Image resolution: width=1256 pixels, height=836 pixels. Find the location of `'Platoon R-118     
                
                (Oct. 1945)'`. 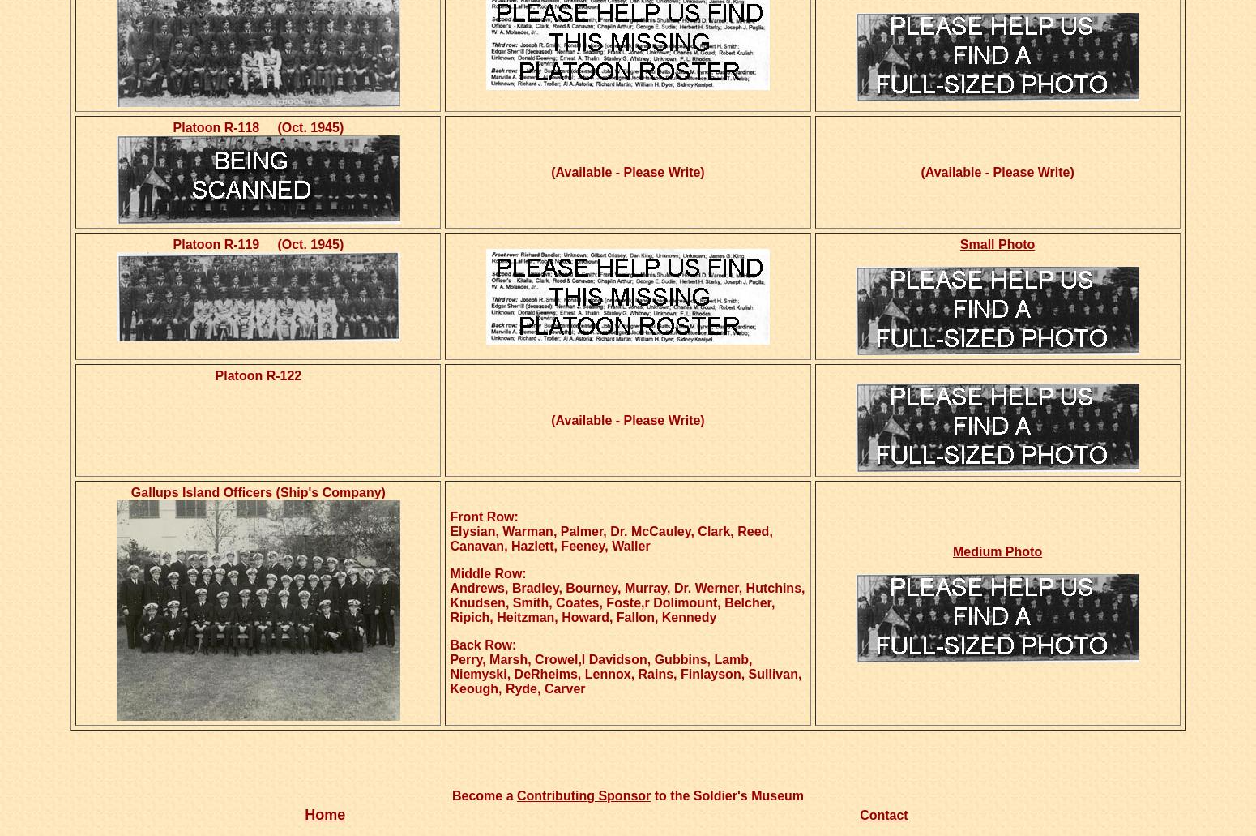

'Platoon R-118     
                
                (Oct. 1945)' is located at coordinates (171, 126).